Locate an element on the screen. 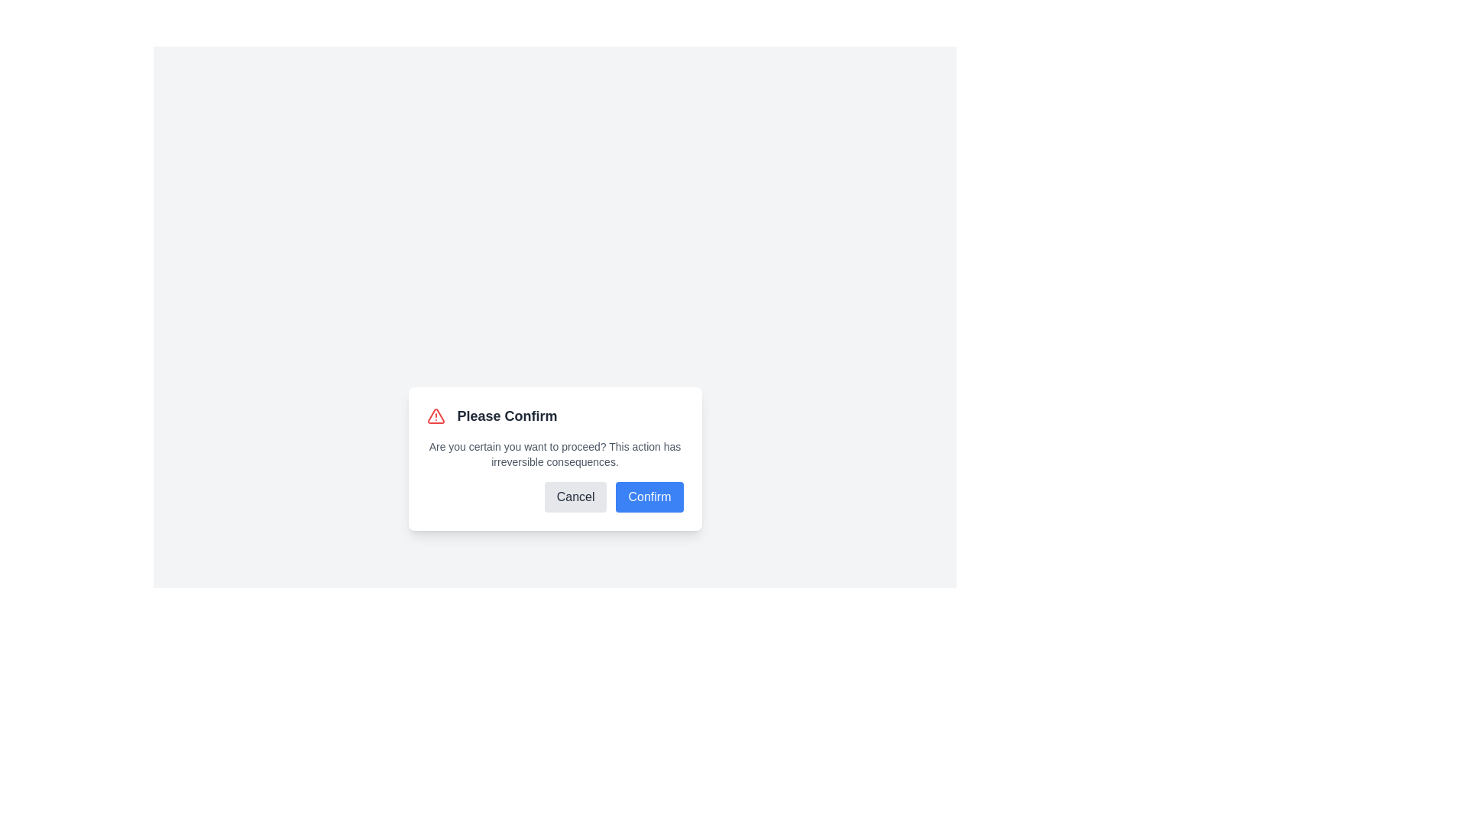 The height and width of the screenshot is (825, 1467). the 'Cancel' button in the 'Please Confirm' dialog box located in the lower-right section of the interface is located at coordinates (575, 497).